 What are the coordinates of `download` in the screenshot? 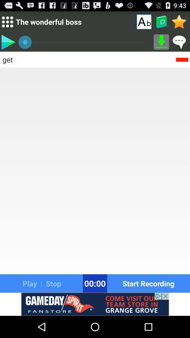 It's located at (161, 42).